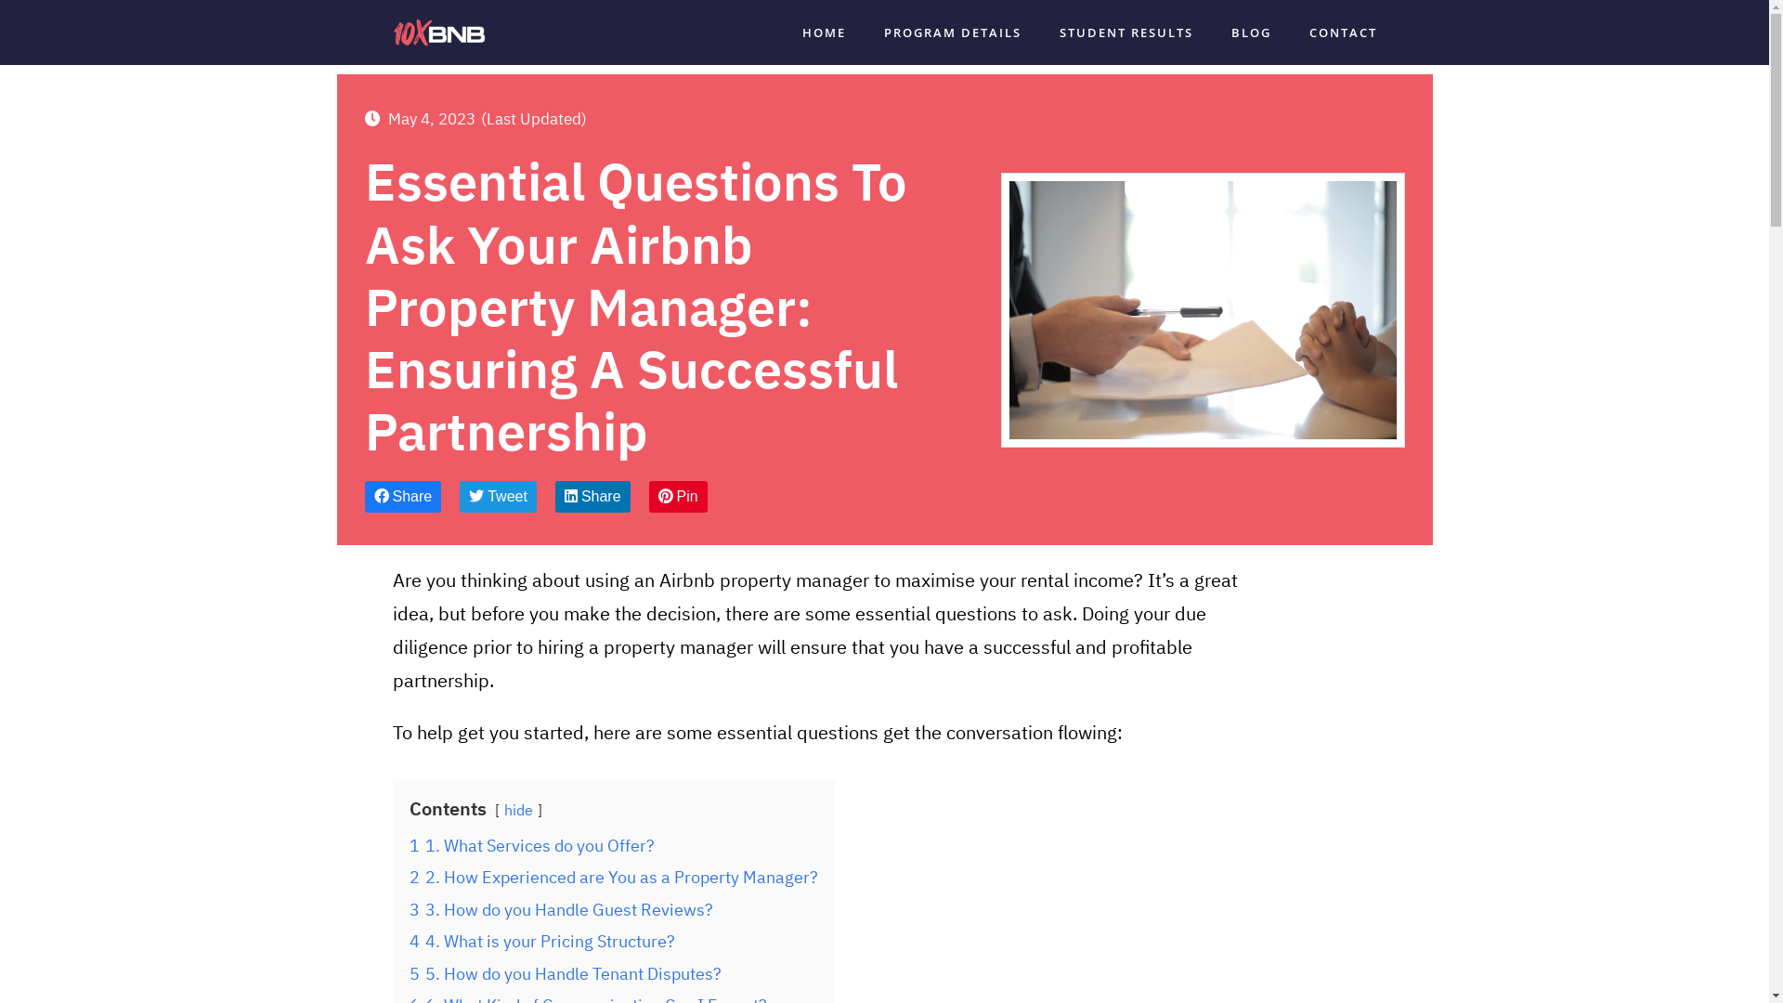  I want to click on '4 4. What is your Pricing Structure?', so click(540, 941).